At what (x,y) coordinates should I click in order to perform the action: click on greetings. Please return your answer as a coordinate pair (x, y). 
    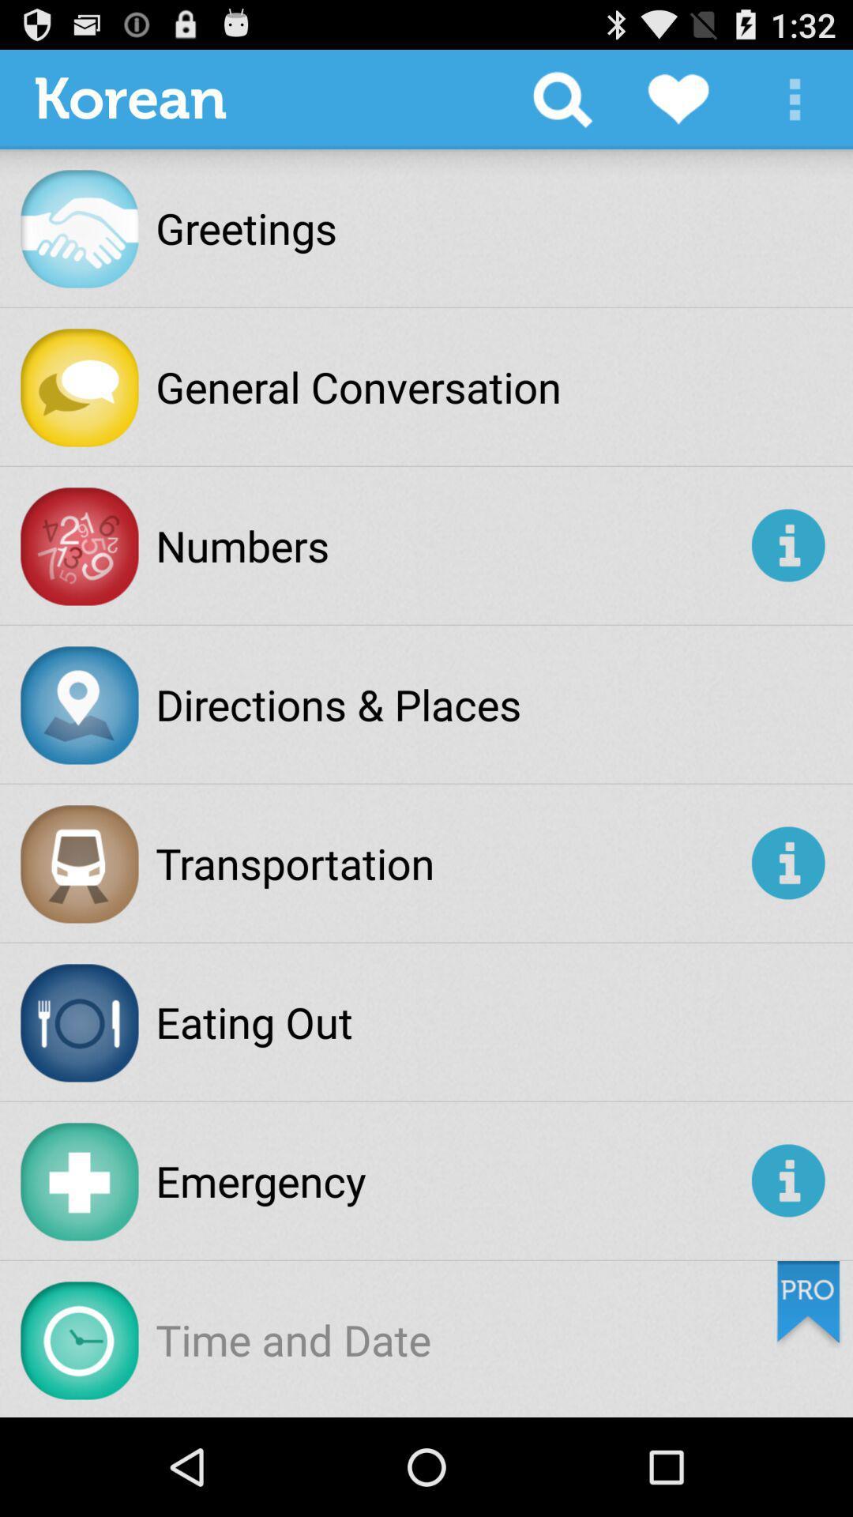
    Looking at the image, I should click on (246, 227).